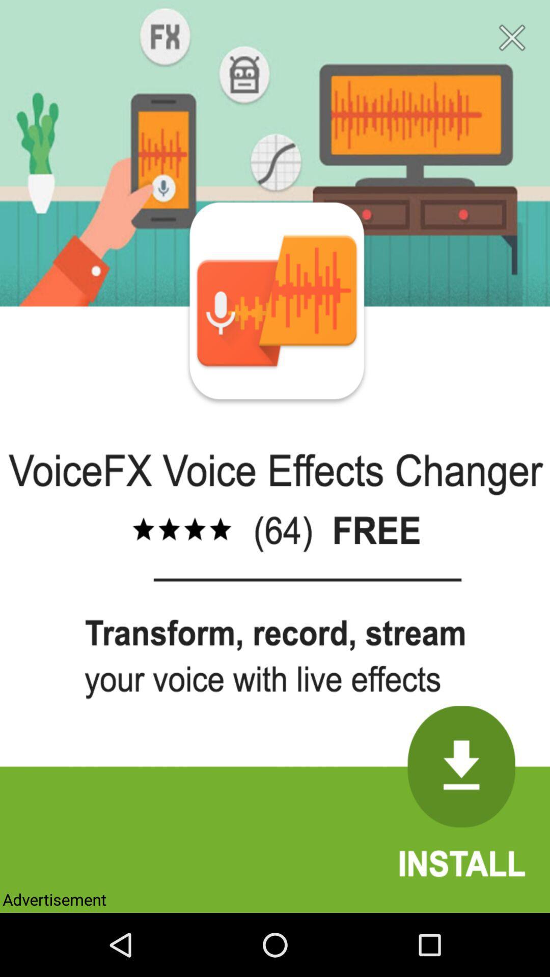 The height and width of the screenshot is (977, 550). I want to click on the close icon, so click(512, 40).